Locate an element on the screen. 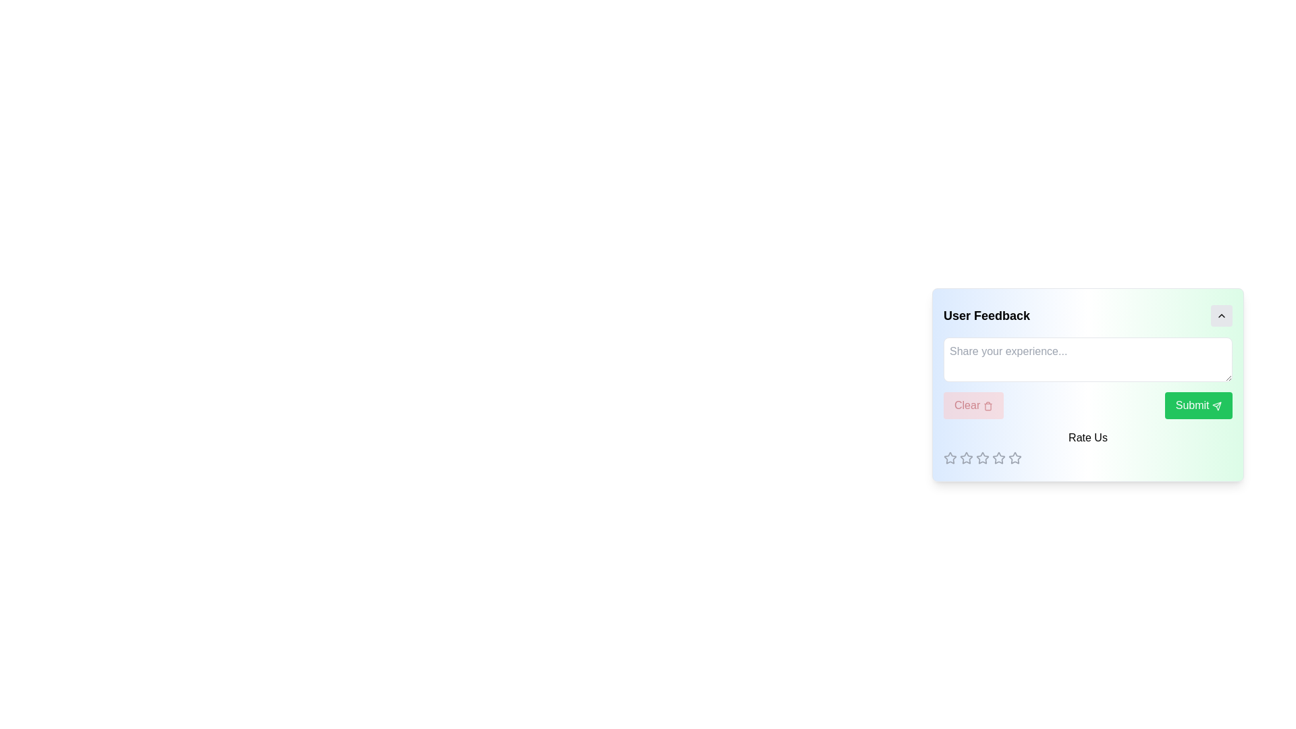 The image size is (1296, 729). the 'Rate Us' text label, which is styled in bold and located above a row of star icons, within a form-like section at the bottom of the page is located at coordinates (1088, 448).